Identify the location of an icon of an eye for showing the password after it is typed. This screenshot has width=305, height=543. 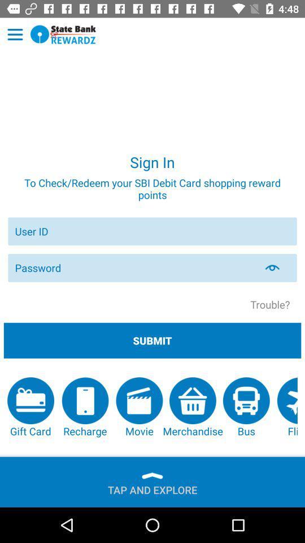
(278, 268).